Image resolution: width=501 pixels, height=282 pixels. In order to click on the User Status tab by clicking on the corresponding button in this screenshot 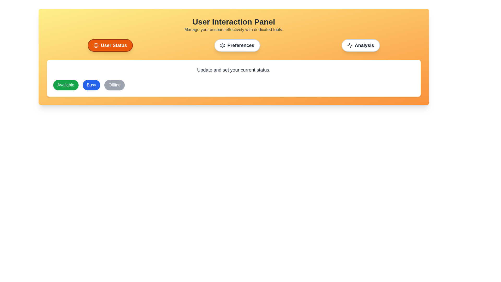, I will do `click(110, 45)`.